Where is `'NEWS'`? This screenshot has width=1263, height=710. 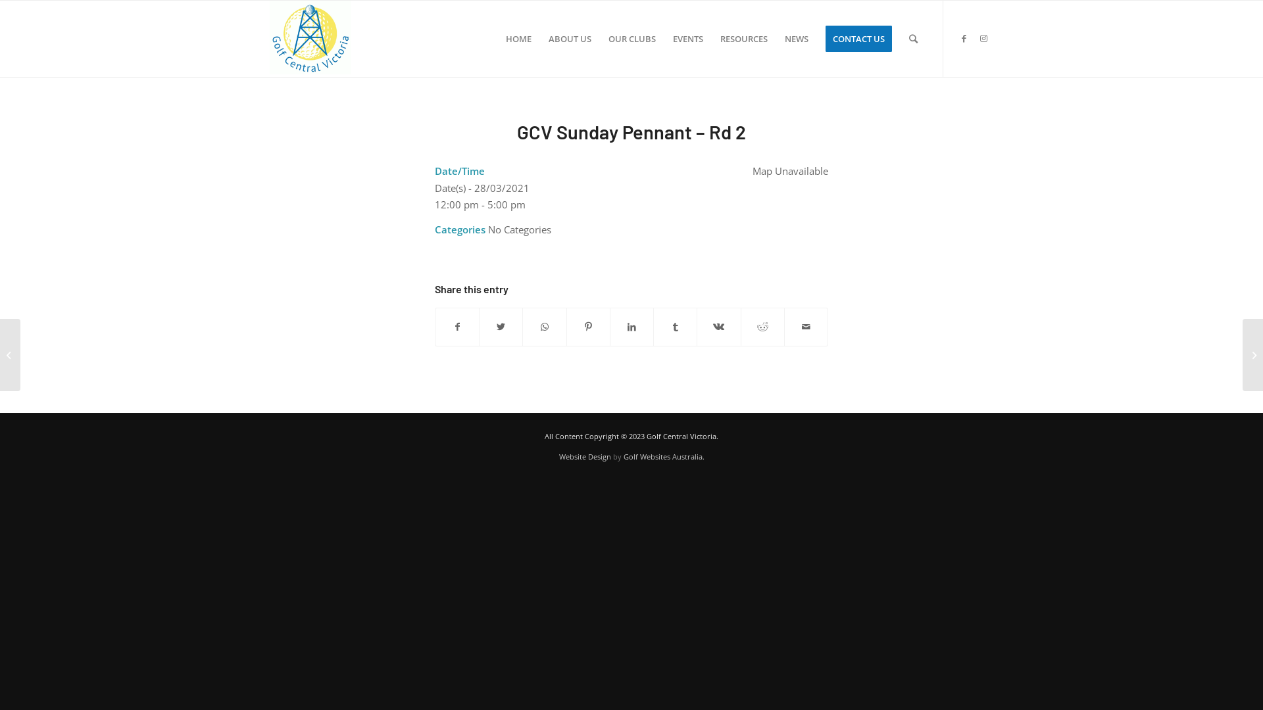 'NEWS' is located at coordinates (795, 37).